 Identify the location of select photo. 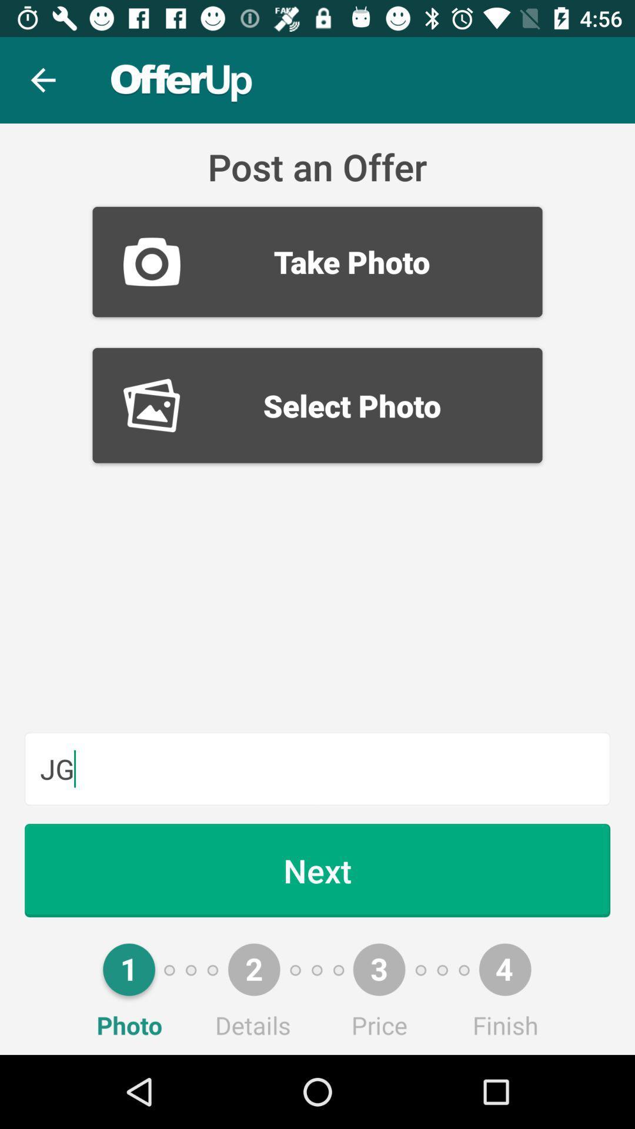
(317, 405).